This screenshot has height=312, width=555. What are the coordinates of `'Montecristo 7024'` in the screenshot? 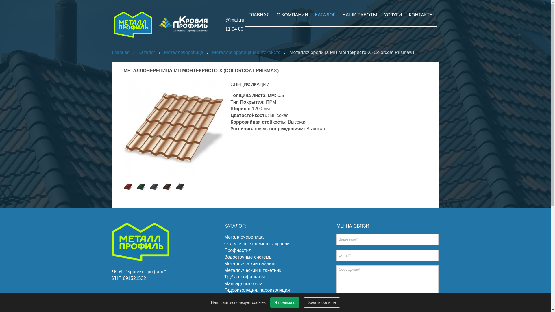 It's located at (154, 186).